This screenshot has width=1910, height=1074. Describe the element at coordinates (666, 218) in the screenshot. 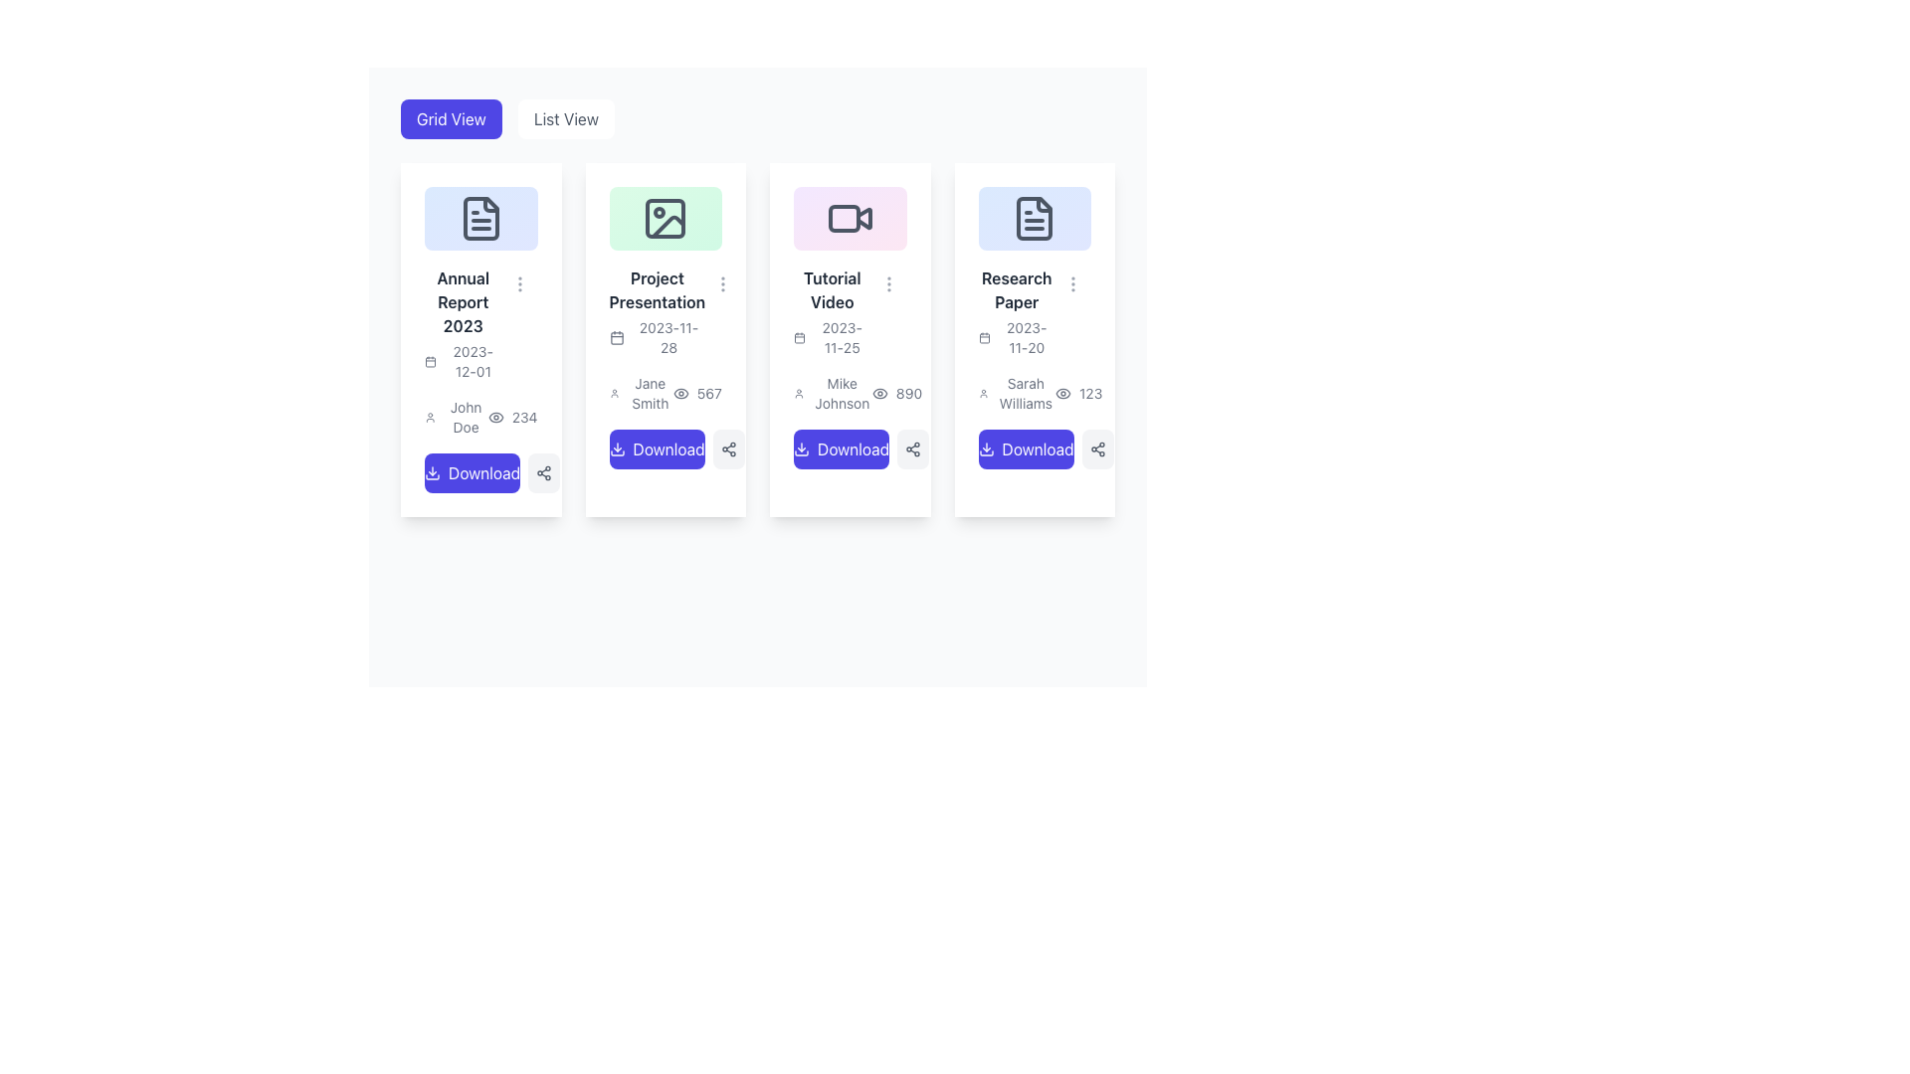

I see `the graphical icon element that is part of the 'Project Presentation' card, which is a small rectangular shape with rounded corners within an image-like icon` at that location.